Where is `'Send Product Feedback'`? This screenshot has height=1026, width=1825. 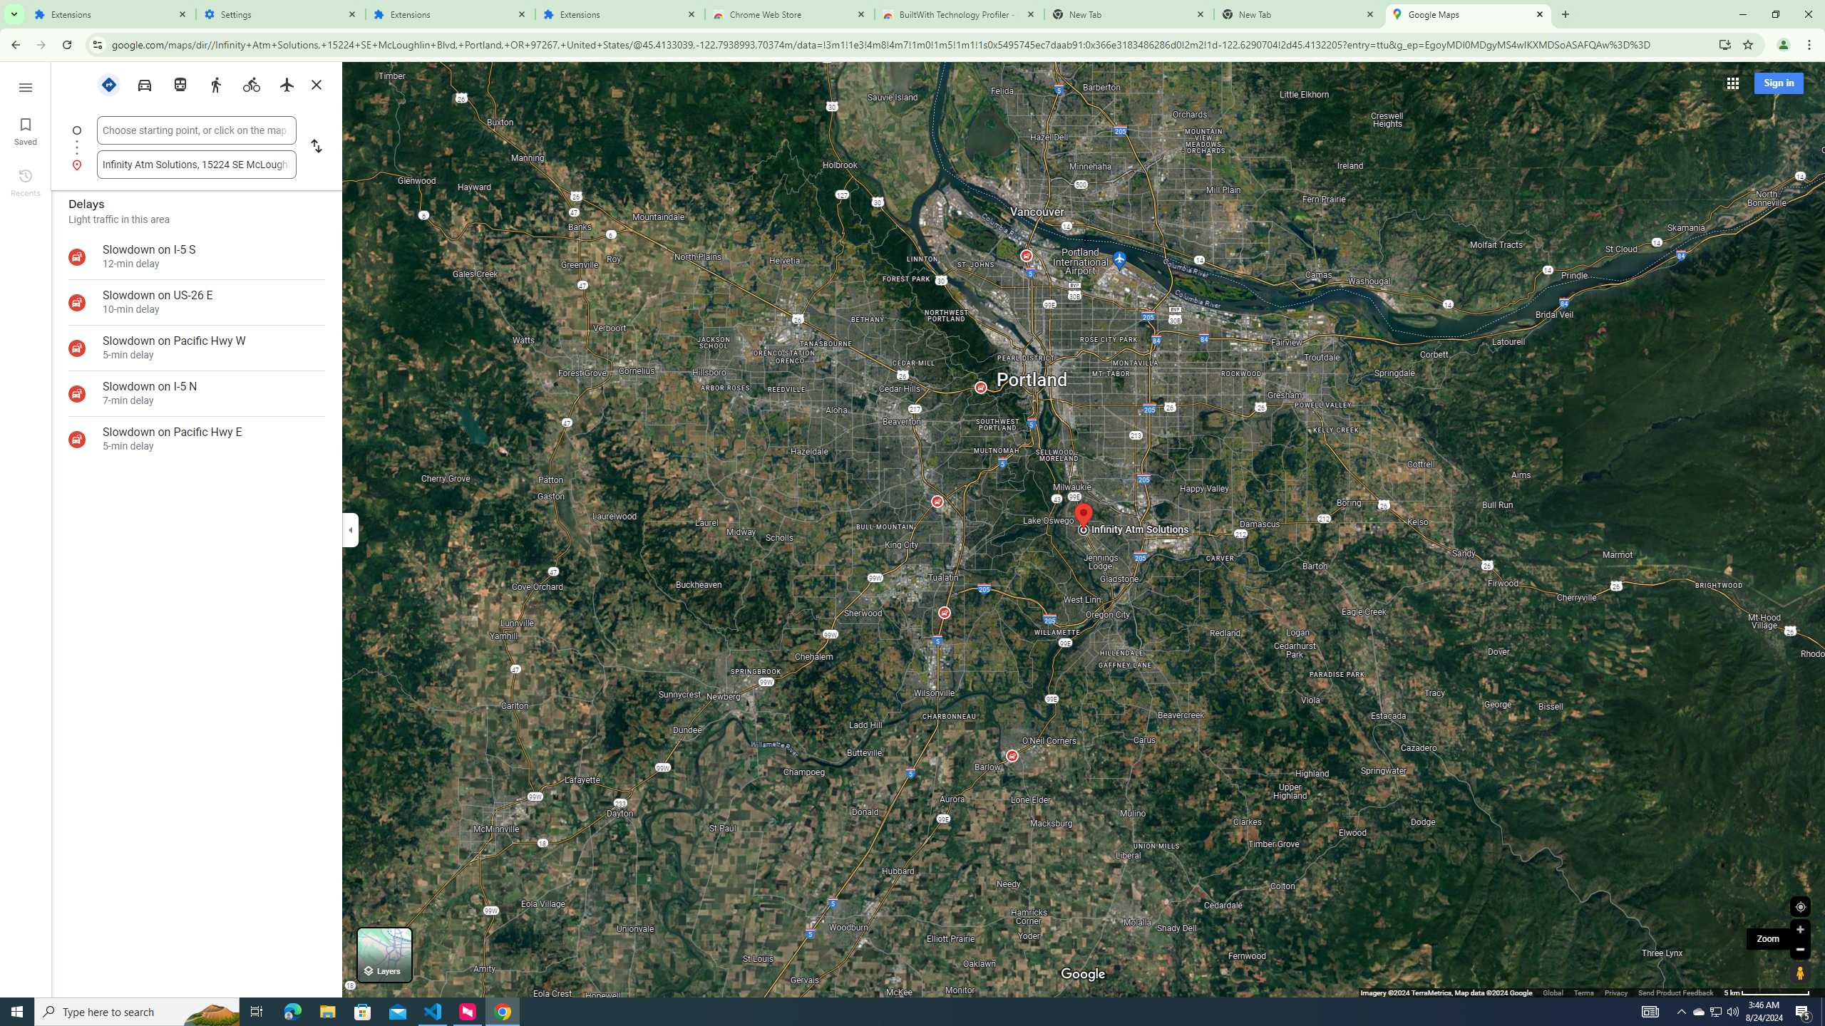 'Send Product Feedback' is located at coordinates (1676, 993).